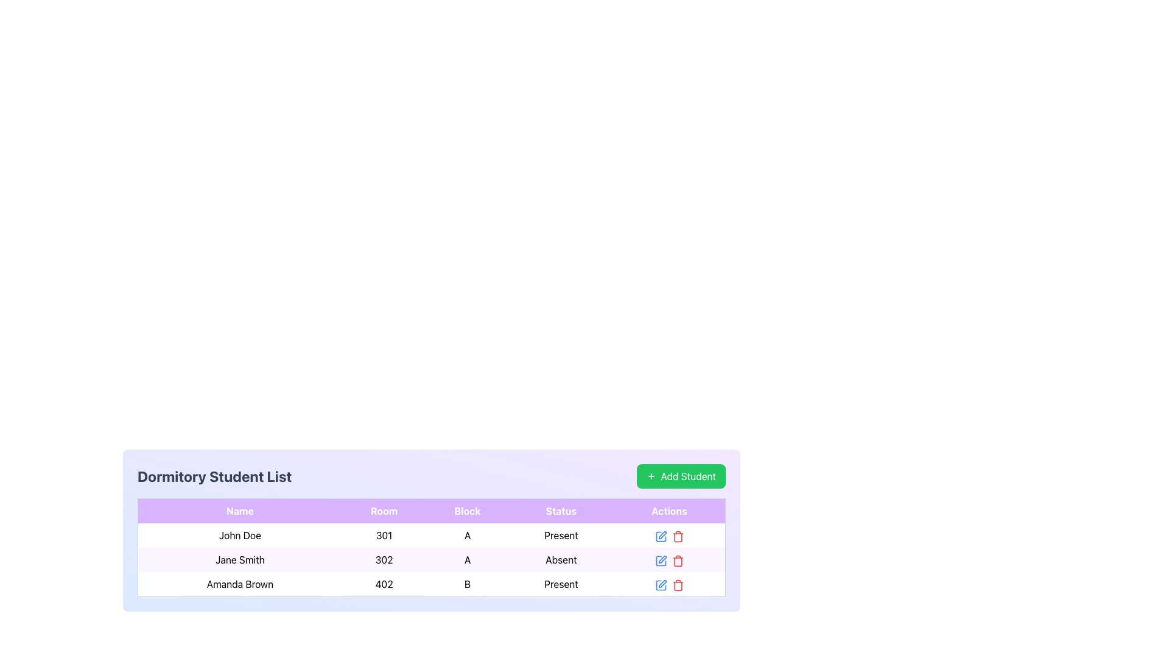 This screenshot has width=1169, height=658. I want to click on the edit icon in the 'Actions' column of the last row for 'Amanda Brown' to initiate the edit functionality, so click(660, 536).